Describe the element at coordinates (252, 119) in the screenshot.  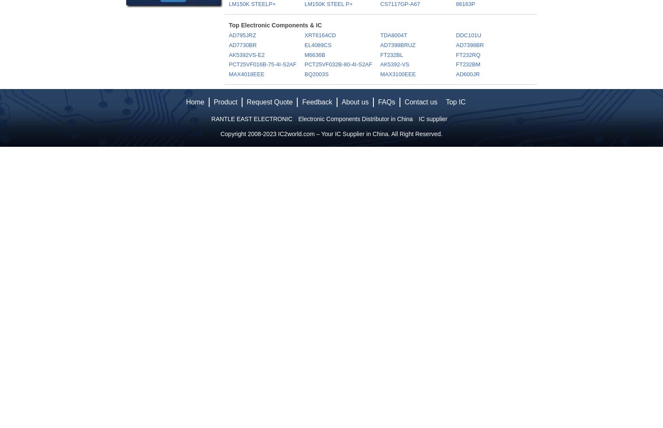
I see `'RANTLE EAST ELECTRONIC'` at that location.